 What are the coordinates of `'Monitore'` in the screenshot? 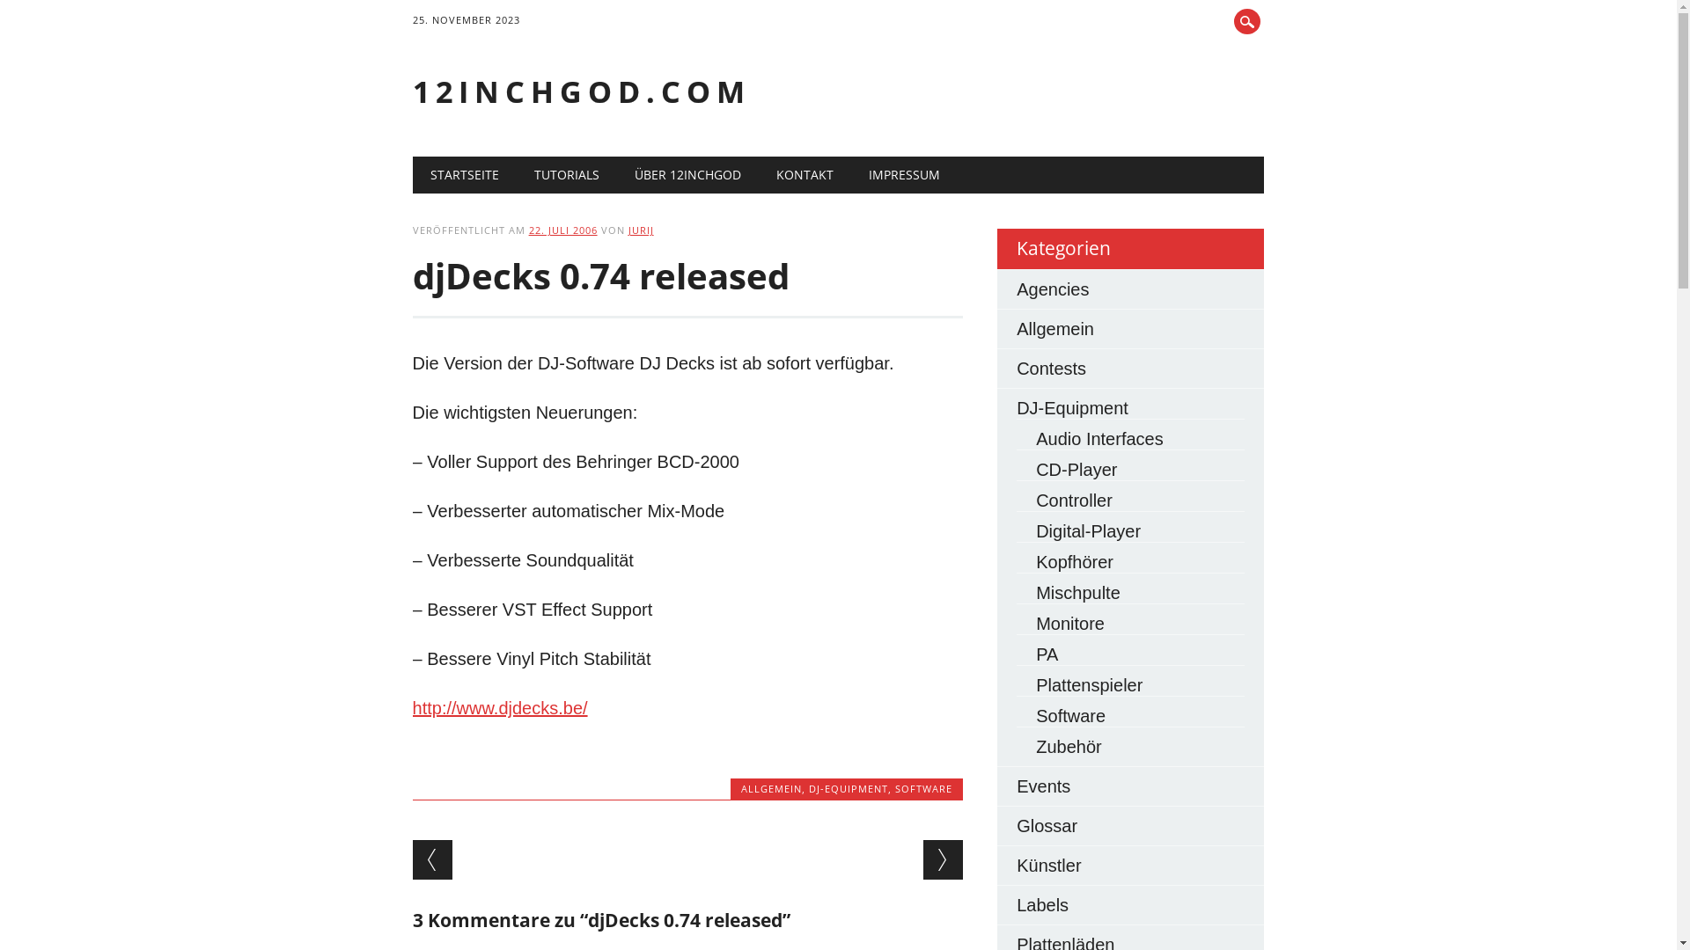 It's located at (1069, 623).